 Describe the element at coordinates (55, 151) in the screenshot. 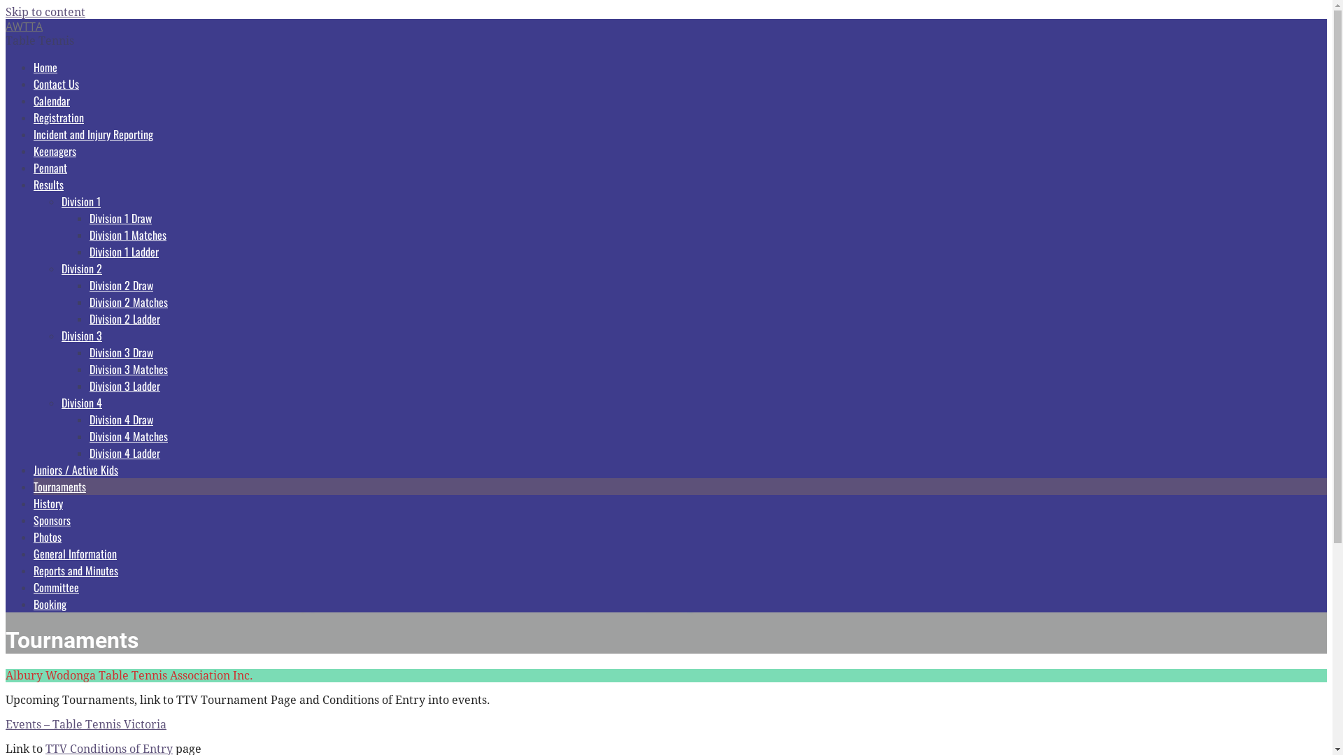

I see `'Keenagers'` at that location.